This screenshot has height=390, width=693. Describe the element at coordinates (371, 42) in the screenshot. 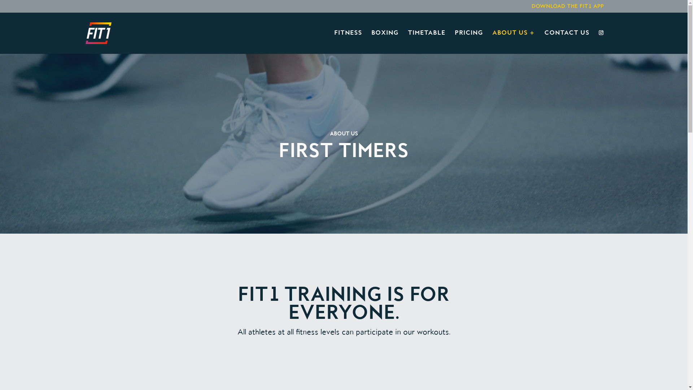

I see `'BOXING'` at that location.